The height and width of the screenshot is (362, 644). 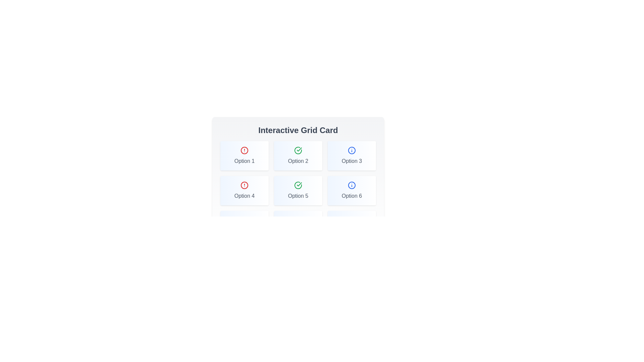 I want to click on the Alert icon located in the second row and first column of the 2x3 grid under 'Interactive Grid Card', associated with 'Option 4', so click(x=244, y=185).